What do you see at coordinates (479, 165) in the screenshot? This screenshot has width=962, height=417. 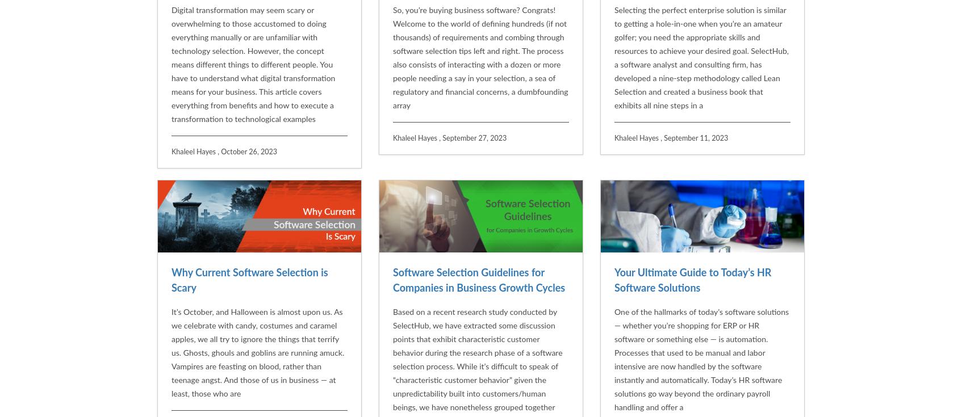 I see `'Software Selection Guidelines for Companies in Business Growth Cycles'` at bounding box center [479, 165].